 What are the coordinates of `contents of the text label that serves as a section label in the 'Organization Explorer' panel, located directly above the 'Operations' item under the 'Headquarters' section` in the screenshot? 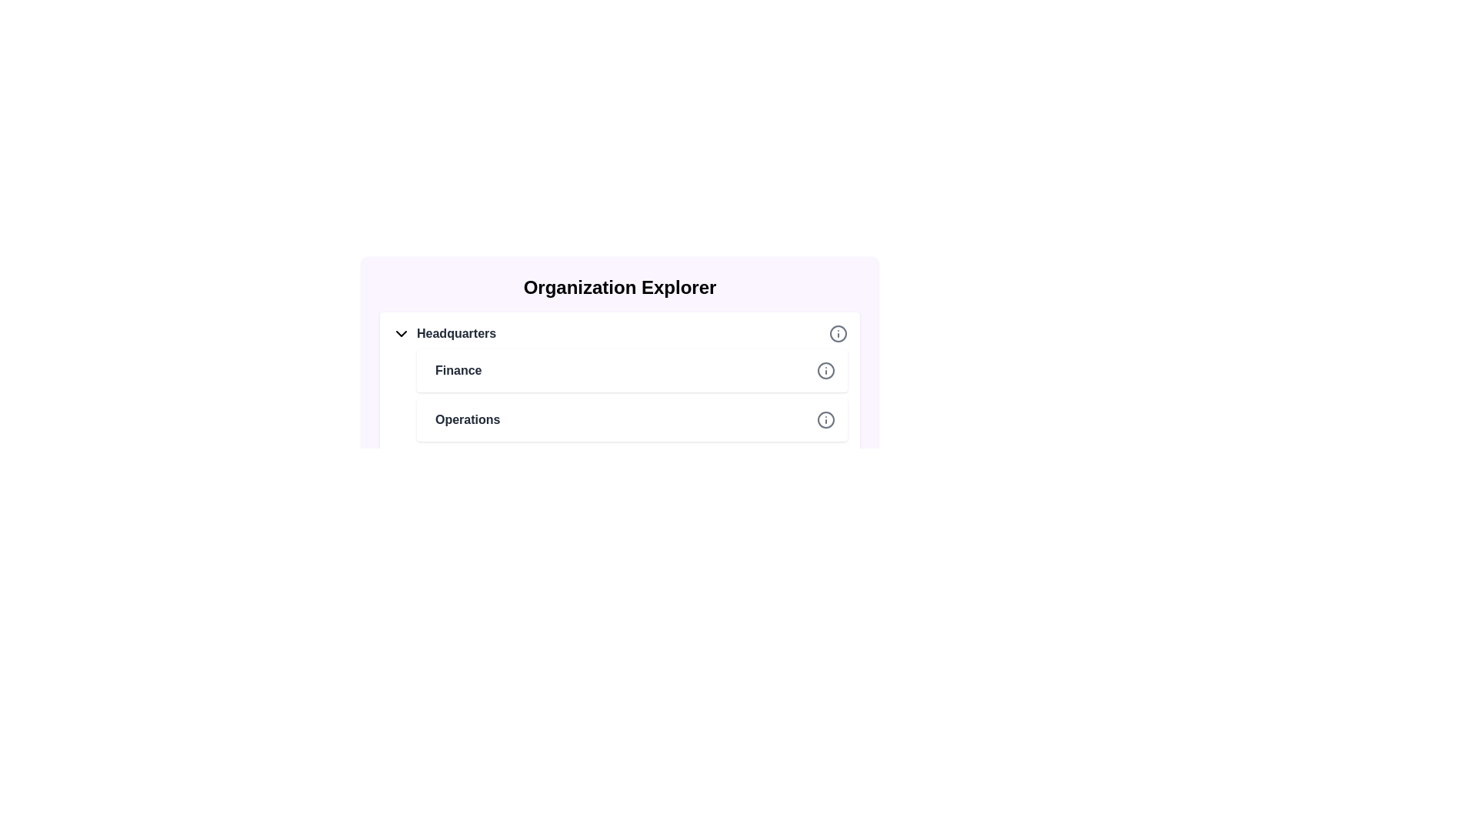 It's located at (458, 371).